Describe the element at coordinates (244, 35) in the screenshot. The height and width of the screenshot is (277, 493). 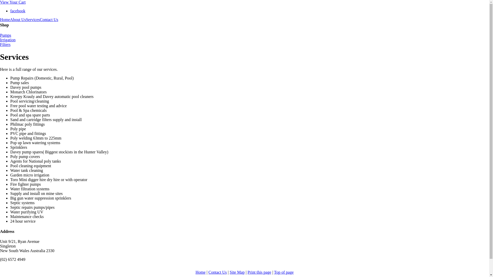
I see `'Pumps'` at that location.